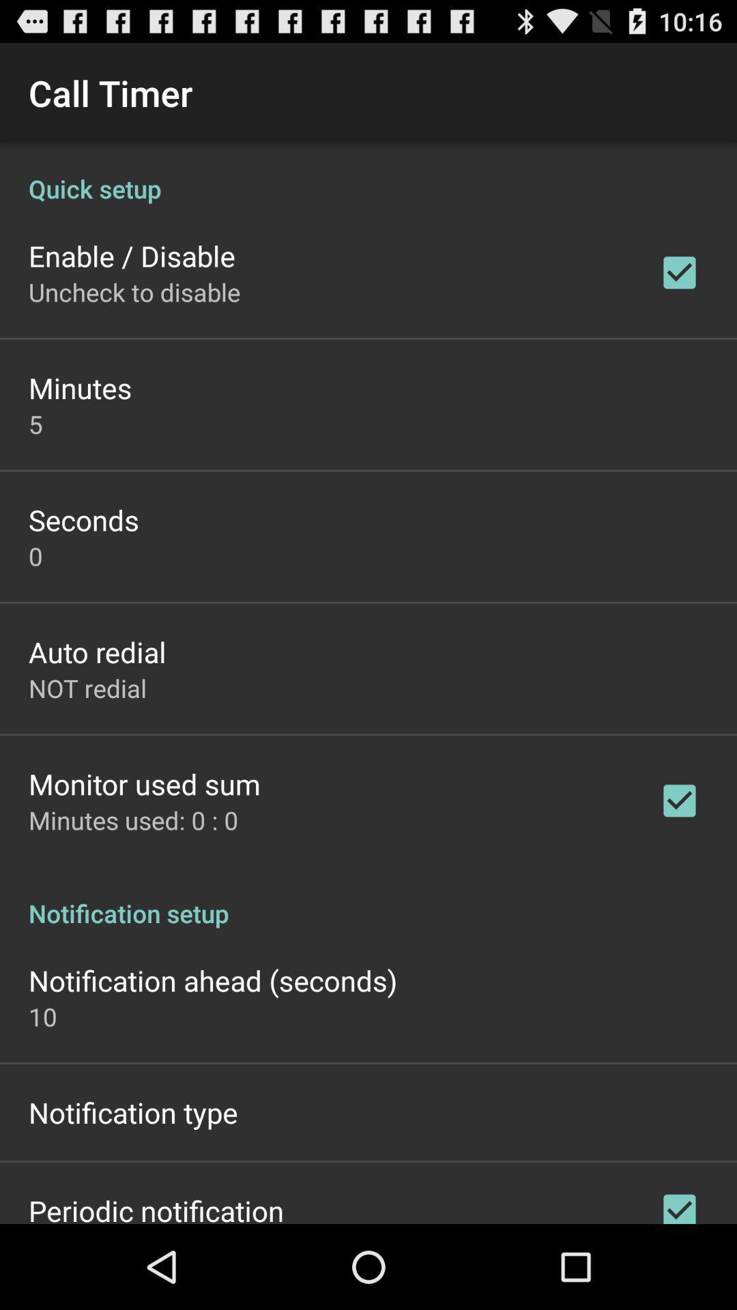 The height and width of the screenshot is (1310, 737). I want to click on the last check box, so click(679, 1203).